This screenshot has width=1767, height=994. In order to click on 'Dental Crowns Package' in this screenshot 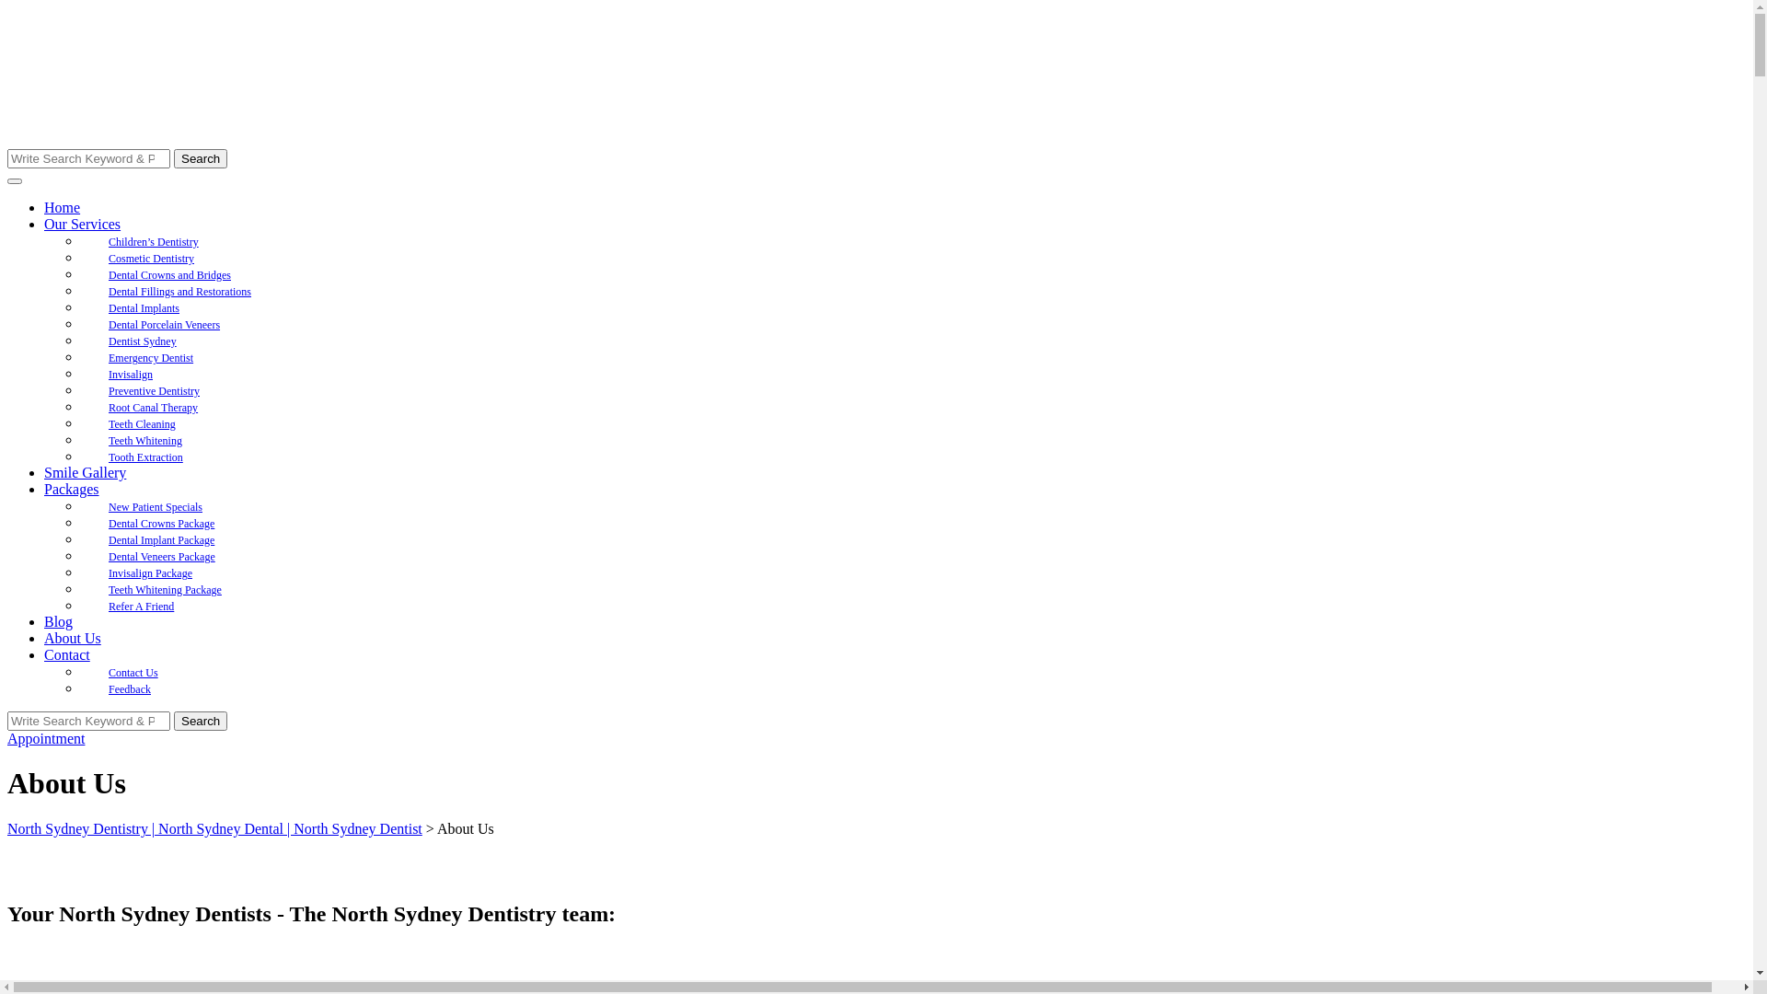, I will do `click(79, 524)`.